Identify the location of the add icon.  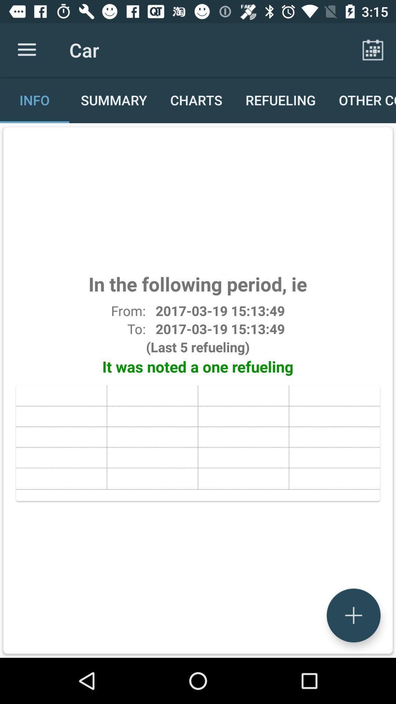
(353, 615).